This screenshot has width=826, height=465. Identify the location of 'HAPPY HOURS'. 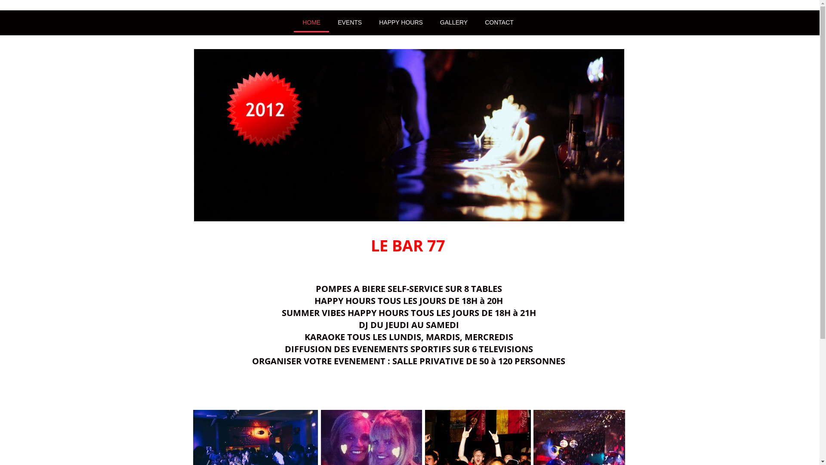
(400, 22).